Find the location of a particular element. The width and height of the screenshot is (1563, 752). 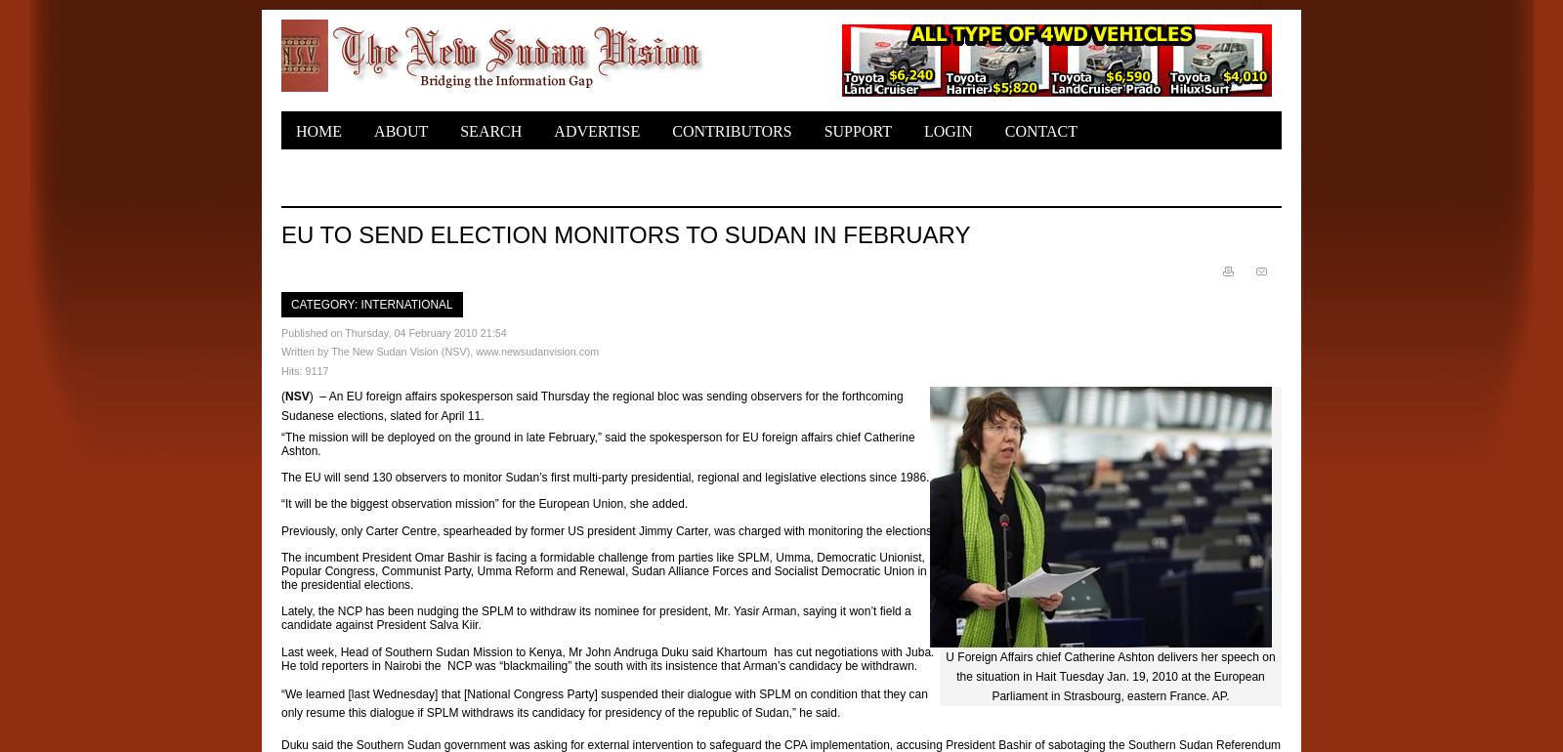

'Hits: 9117' is located at coordinates (305, 368).